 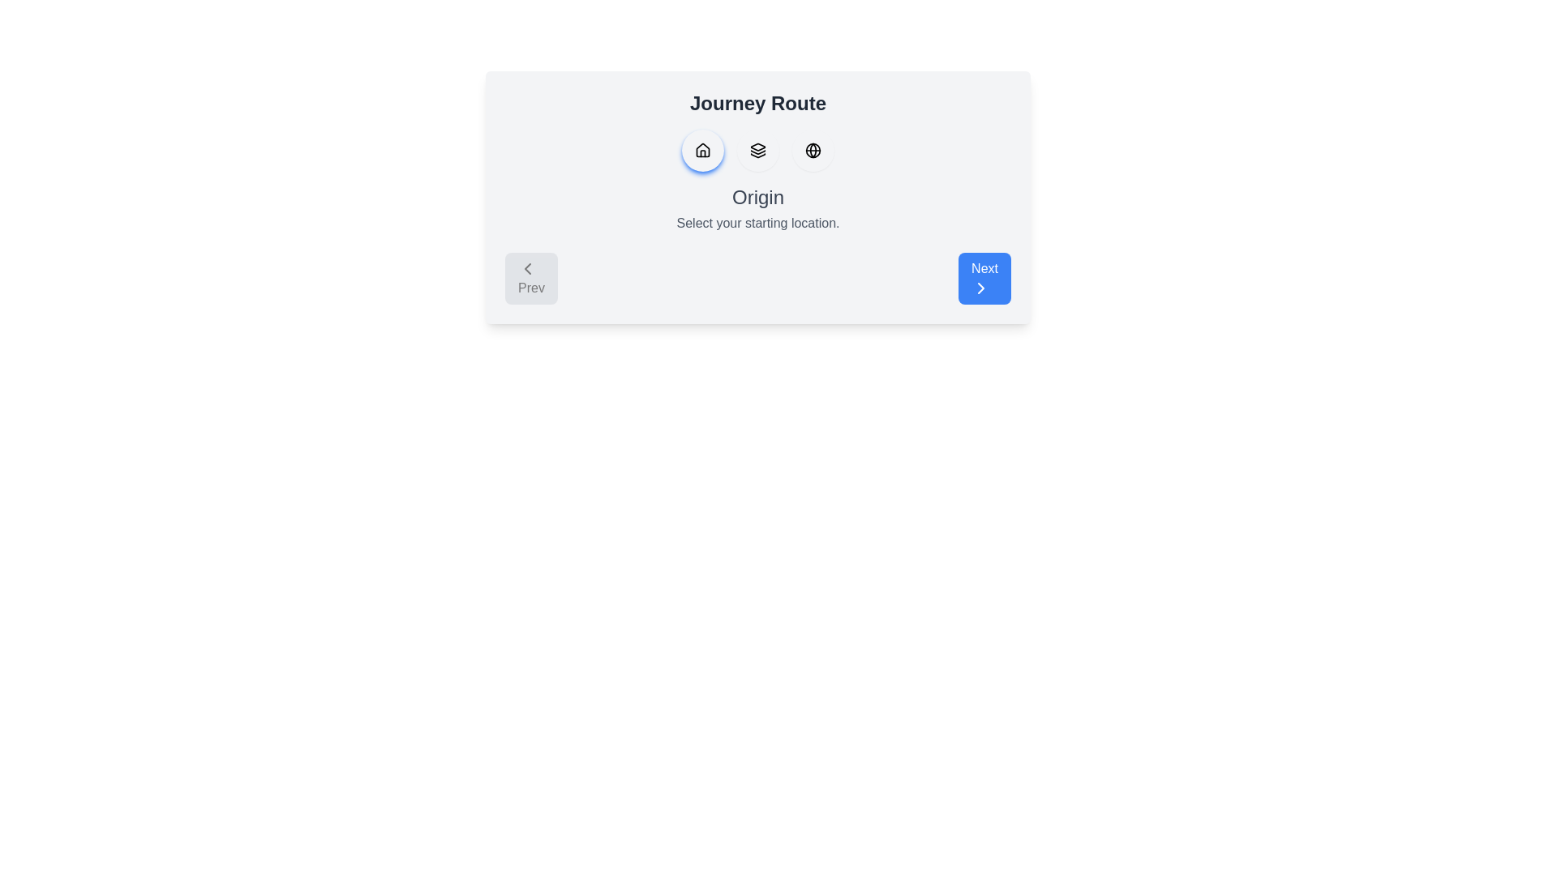 What do you see at coordinates (984, 277) in the screenshot?
I see `the 'Next' button with a blue background and white text located at the bottom-right corner to proceed to the next step` at bounding box center [984, 277].